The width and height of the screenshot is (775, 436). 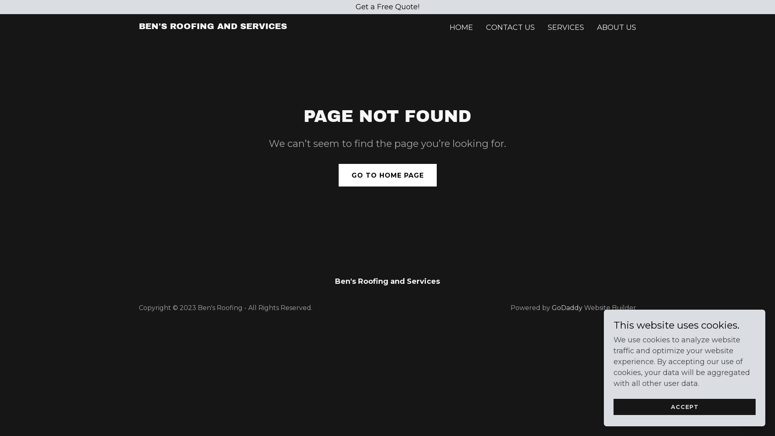 I want to click on 'GO TO HOME PAGE', so click(x=387, y=175).